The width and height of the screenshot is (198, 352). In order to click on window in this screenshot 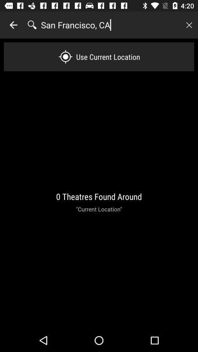, I will do `click(189, 25)`.